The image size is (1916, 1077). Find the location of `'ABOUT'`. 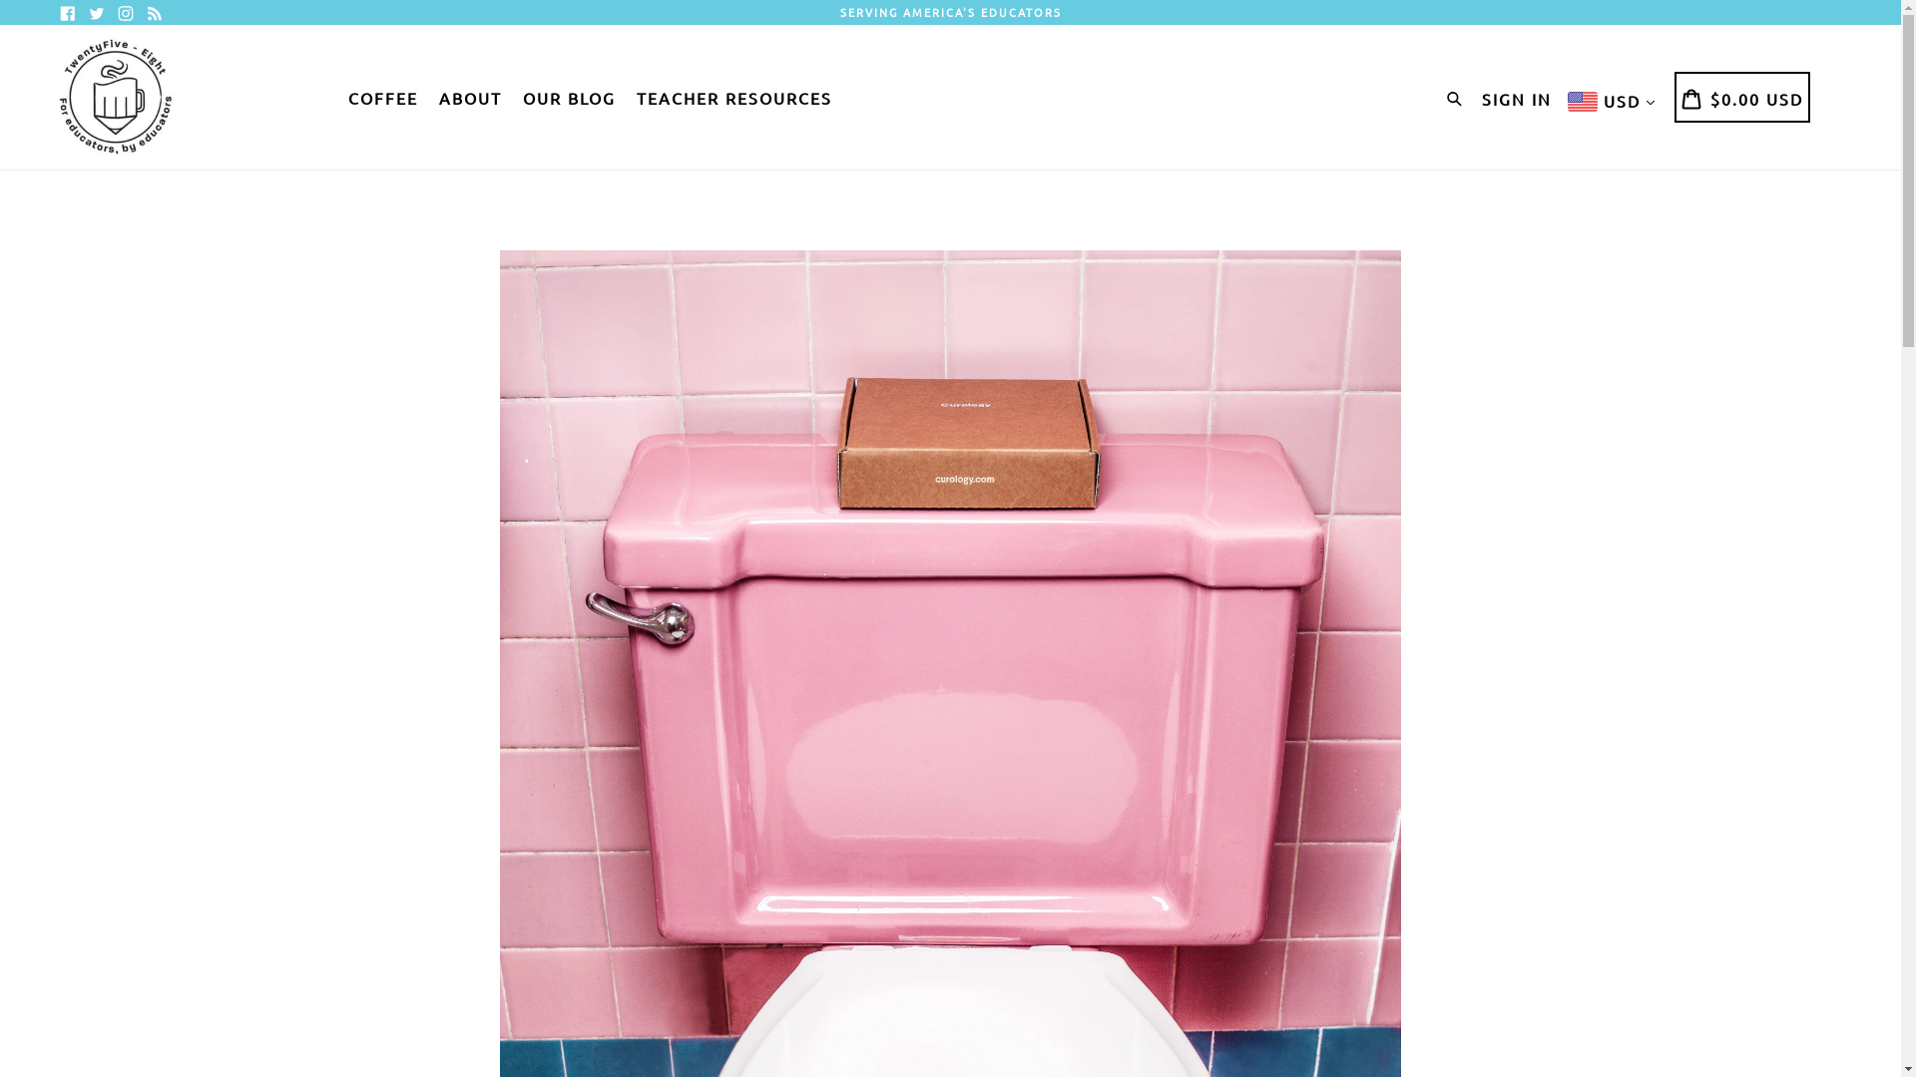

'ABOUT' is located at coordinates (469, 97).